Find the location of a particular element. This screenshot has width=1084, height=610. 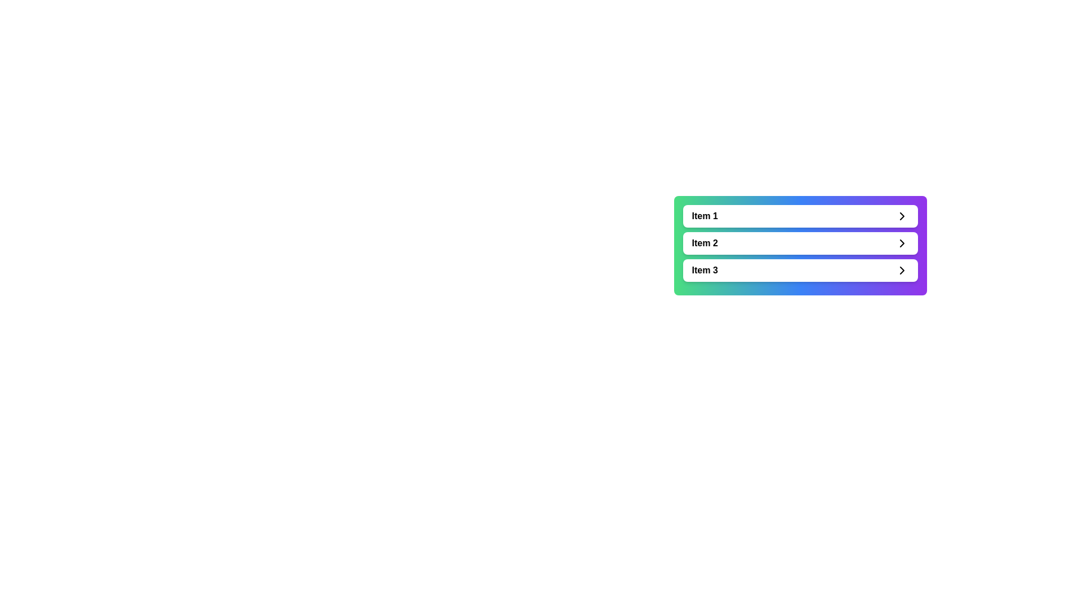

displayed text 'Item 3' from the bold text label located in the third item of the vertically stacked list is located at coordinates (704, 270).